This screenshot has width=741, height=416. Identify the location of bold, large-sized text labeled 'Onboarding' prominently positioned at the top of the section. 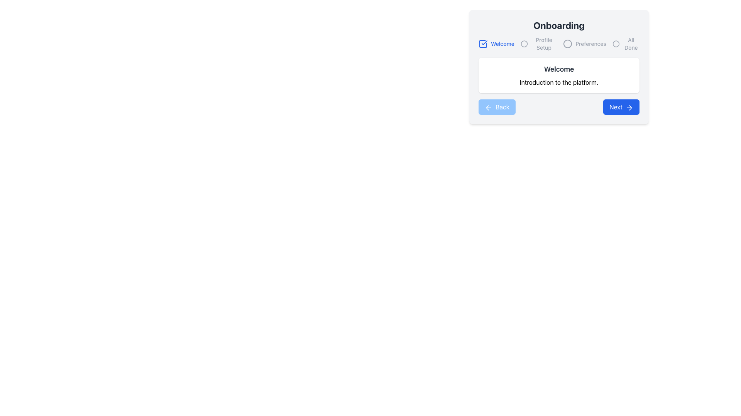
(559, 25).